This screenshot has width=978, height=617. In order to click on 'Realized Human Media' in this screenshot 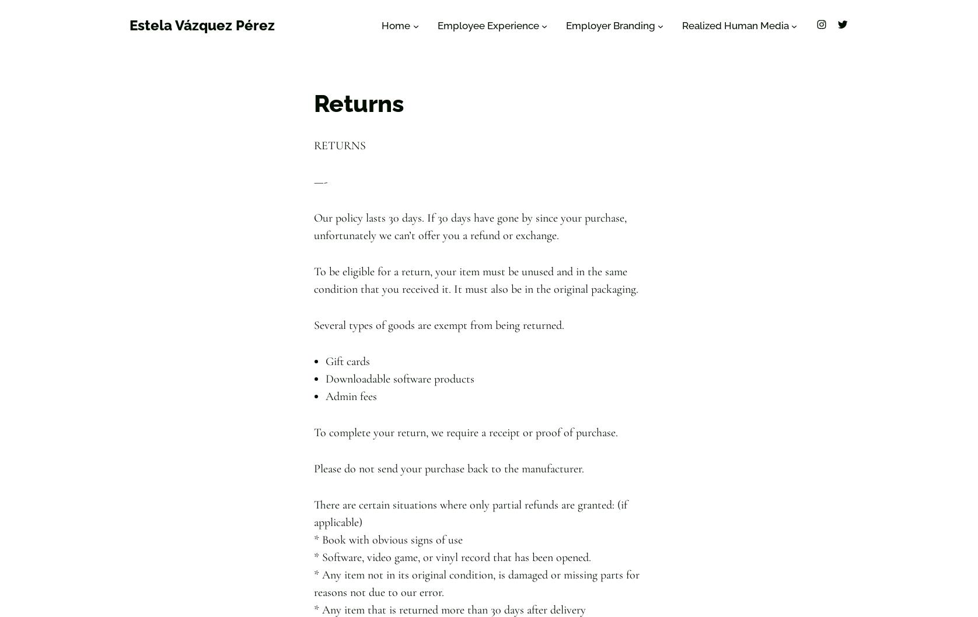, I will do `click(735, 26)`.